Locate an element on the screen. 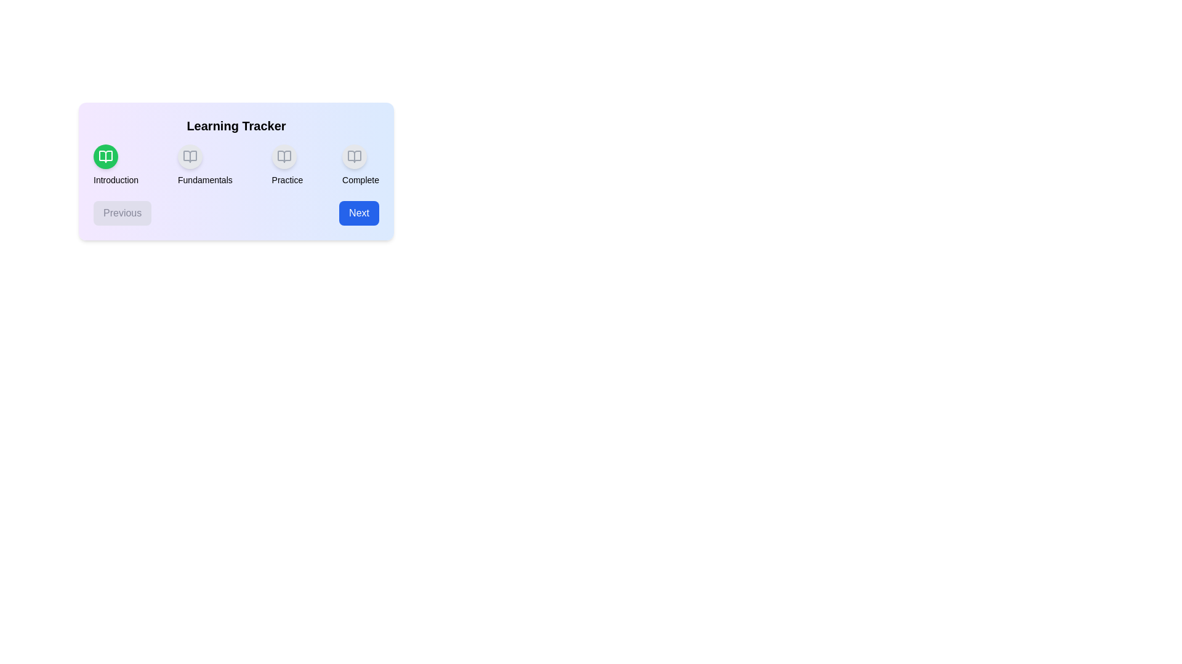 The height and width of the screenshot is (664, 1182). the 'Fundamentals' SVG icon located within the horizontal menu layout, which is the second icon from the left is located at coordinates (190, 156).